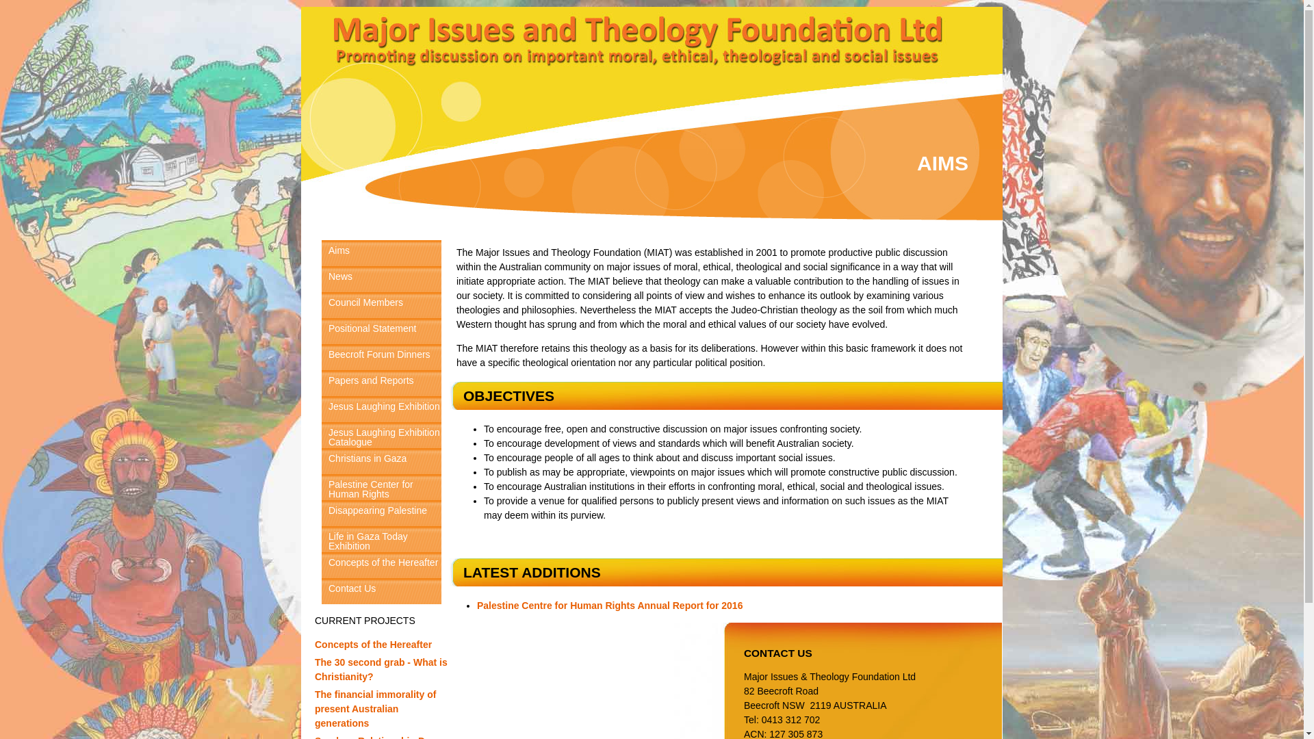 This screenshot has height=739, width=1314. Describe the element at coordinates (381, 383) in the screenshot. I see `'Papers and Reports'` at that location.